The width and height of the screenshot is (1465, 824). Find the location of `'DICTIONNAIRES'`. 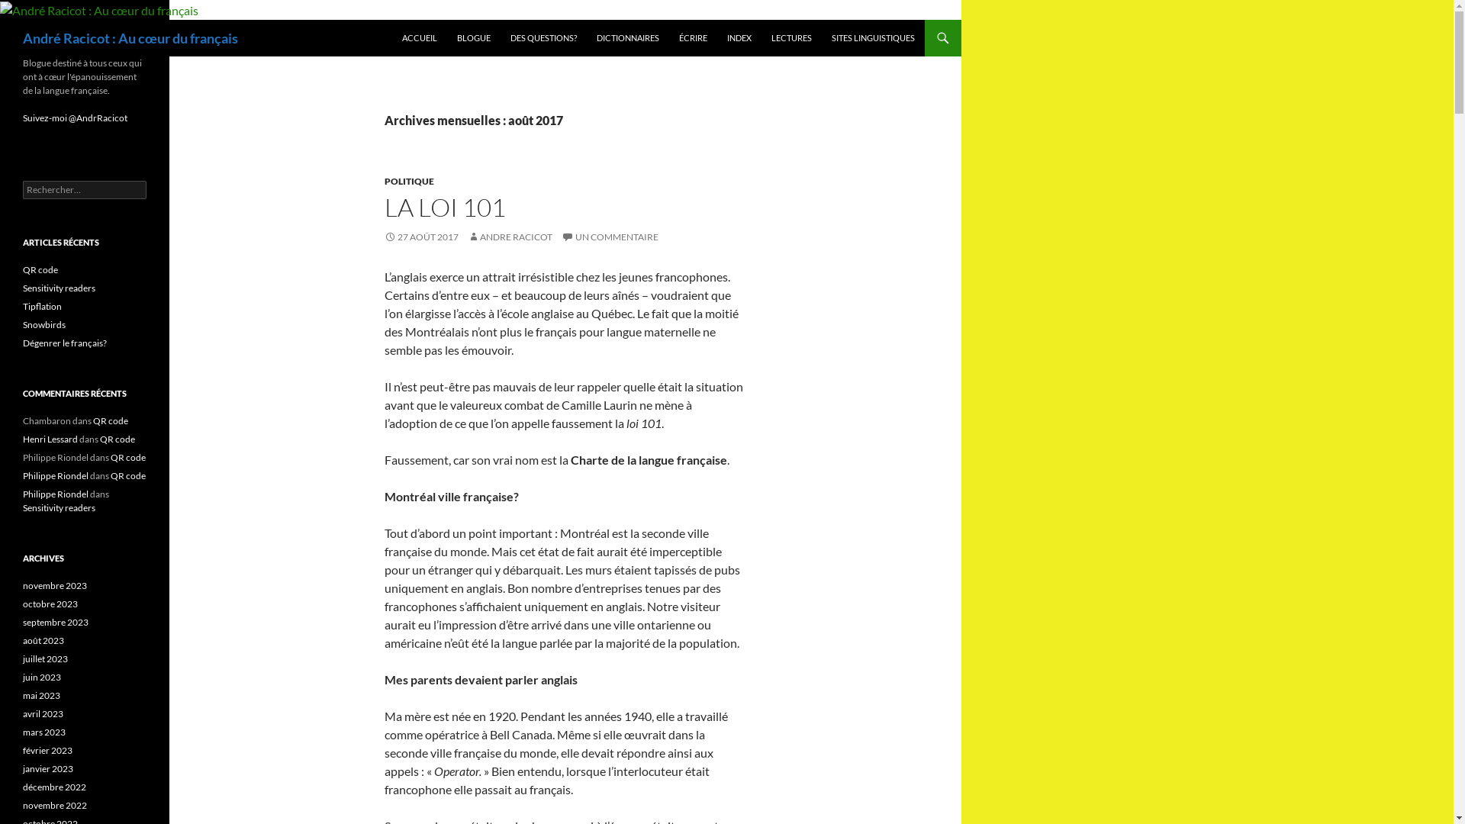

'DICTIONNAIRES' is located at coordinates (627, 37).